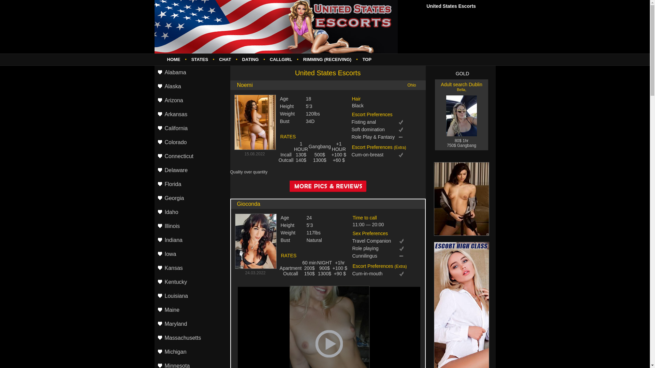  What do you see at coordinates (191, 212) in the screenshot?
I see `'Idaho'` at bounding box center [191, 212].